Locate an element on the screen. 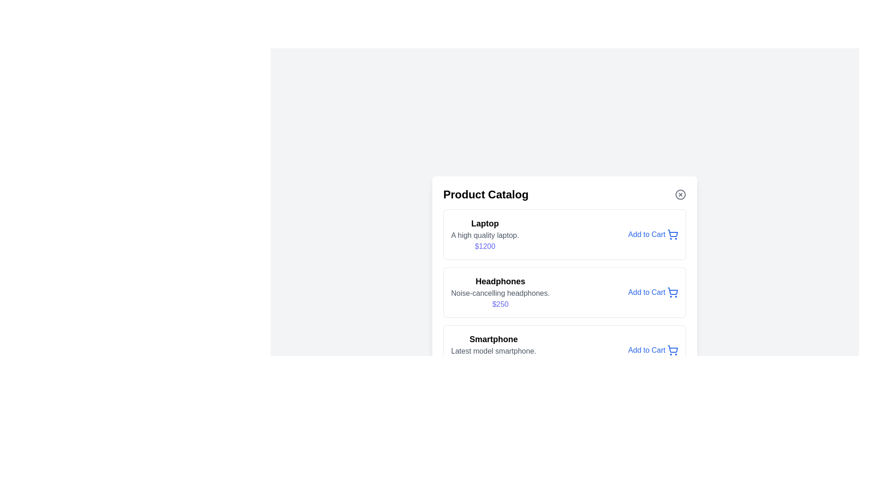  the 'Add to Cart' button for the product Headphones is located at coordinates (653, 292).